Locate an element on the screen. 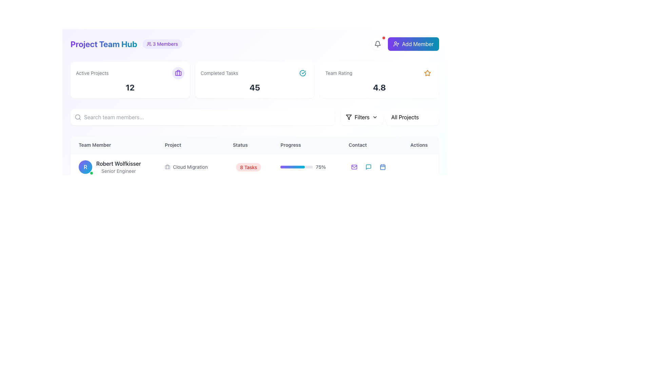 This screenshot has width=651, height=366. the text label reading 'Cloud Migration', which is styled with a small font size and gray color, located to the right of a briefcase icon in the 'Project' column associated with 'Robert Wolfkisser' is located at coordinates (190, 167).